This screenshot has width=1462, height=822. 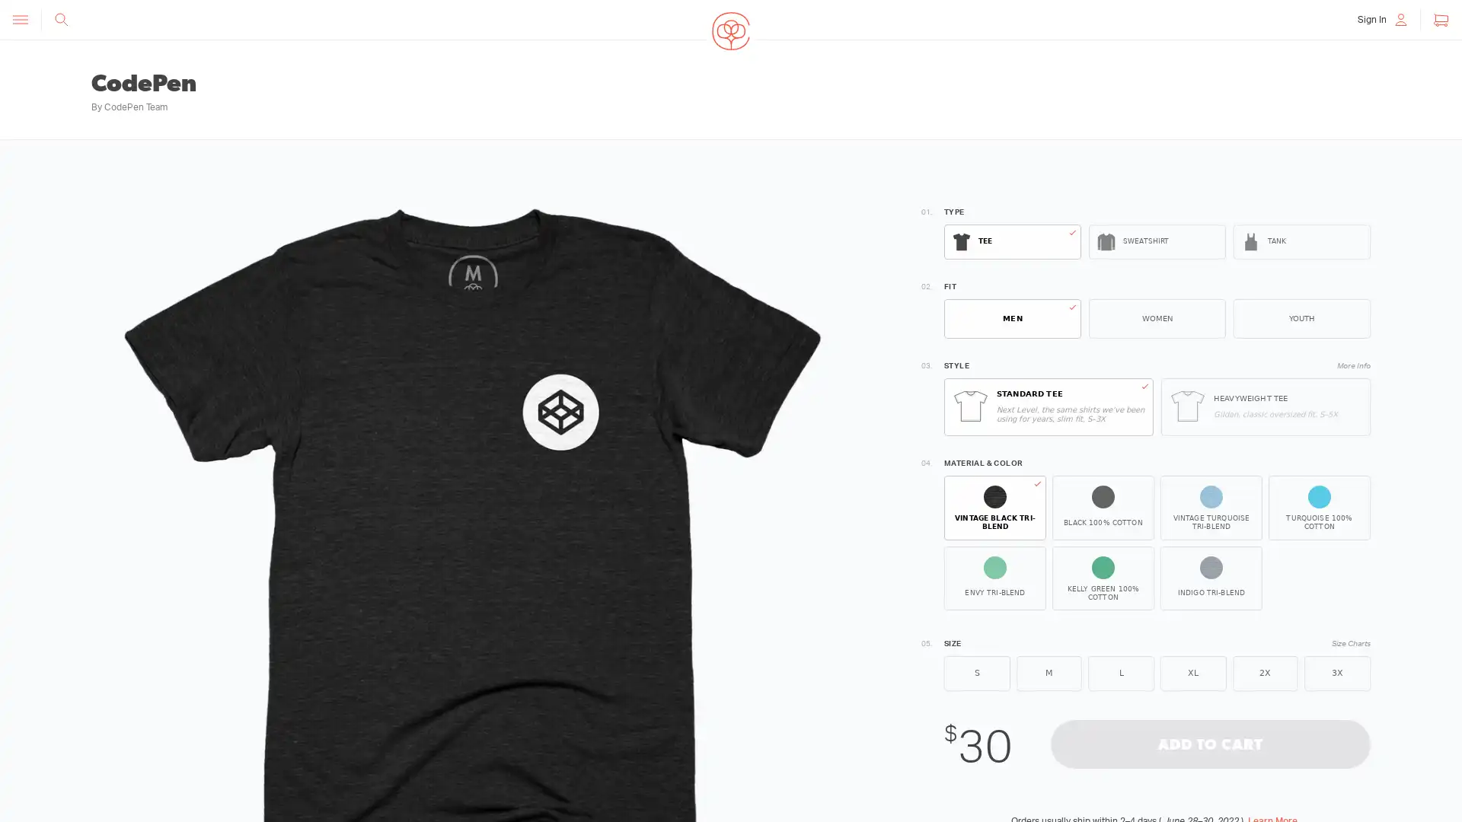 What do you see at coordinates (1210, 578) in the screenshot?
I see `INDIGO TRI-BLEND` at bounding box center [1210, 578].